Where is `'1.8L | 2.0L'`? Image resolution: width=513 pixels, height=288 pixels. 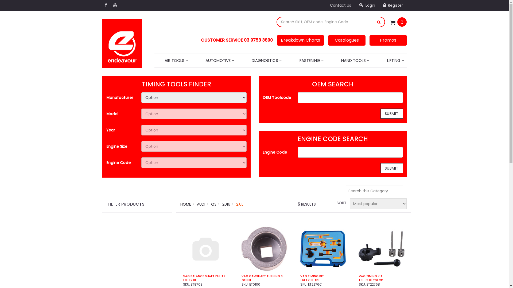 '1.8L | 2.0L' is located at coordinates (205, 280).